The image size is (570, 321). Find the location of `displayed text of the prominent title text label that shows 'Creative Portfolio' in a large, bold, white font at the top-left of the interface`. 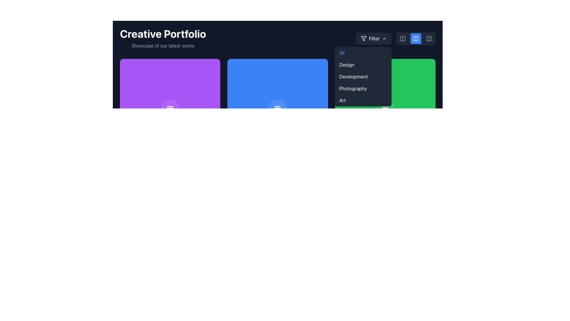

displayed text of the prominent title text label that shows 'Creative Portfolio' in a large, bold, white font at the top-left of the interface is located at coordinates (163, 34).